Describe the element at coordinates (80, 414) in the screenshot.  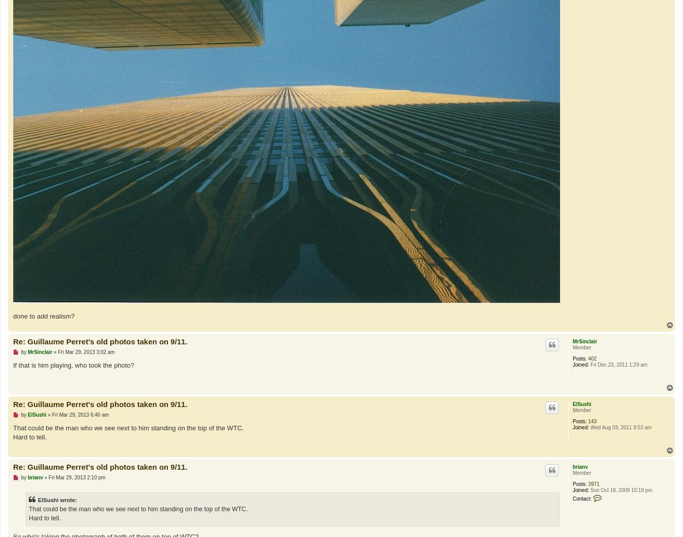
I see `'Fri Mar 29, 2013 6:40 am'` at that location.